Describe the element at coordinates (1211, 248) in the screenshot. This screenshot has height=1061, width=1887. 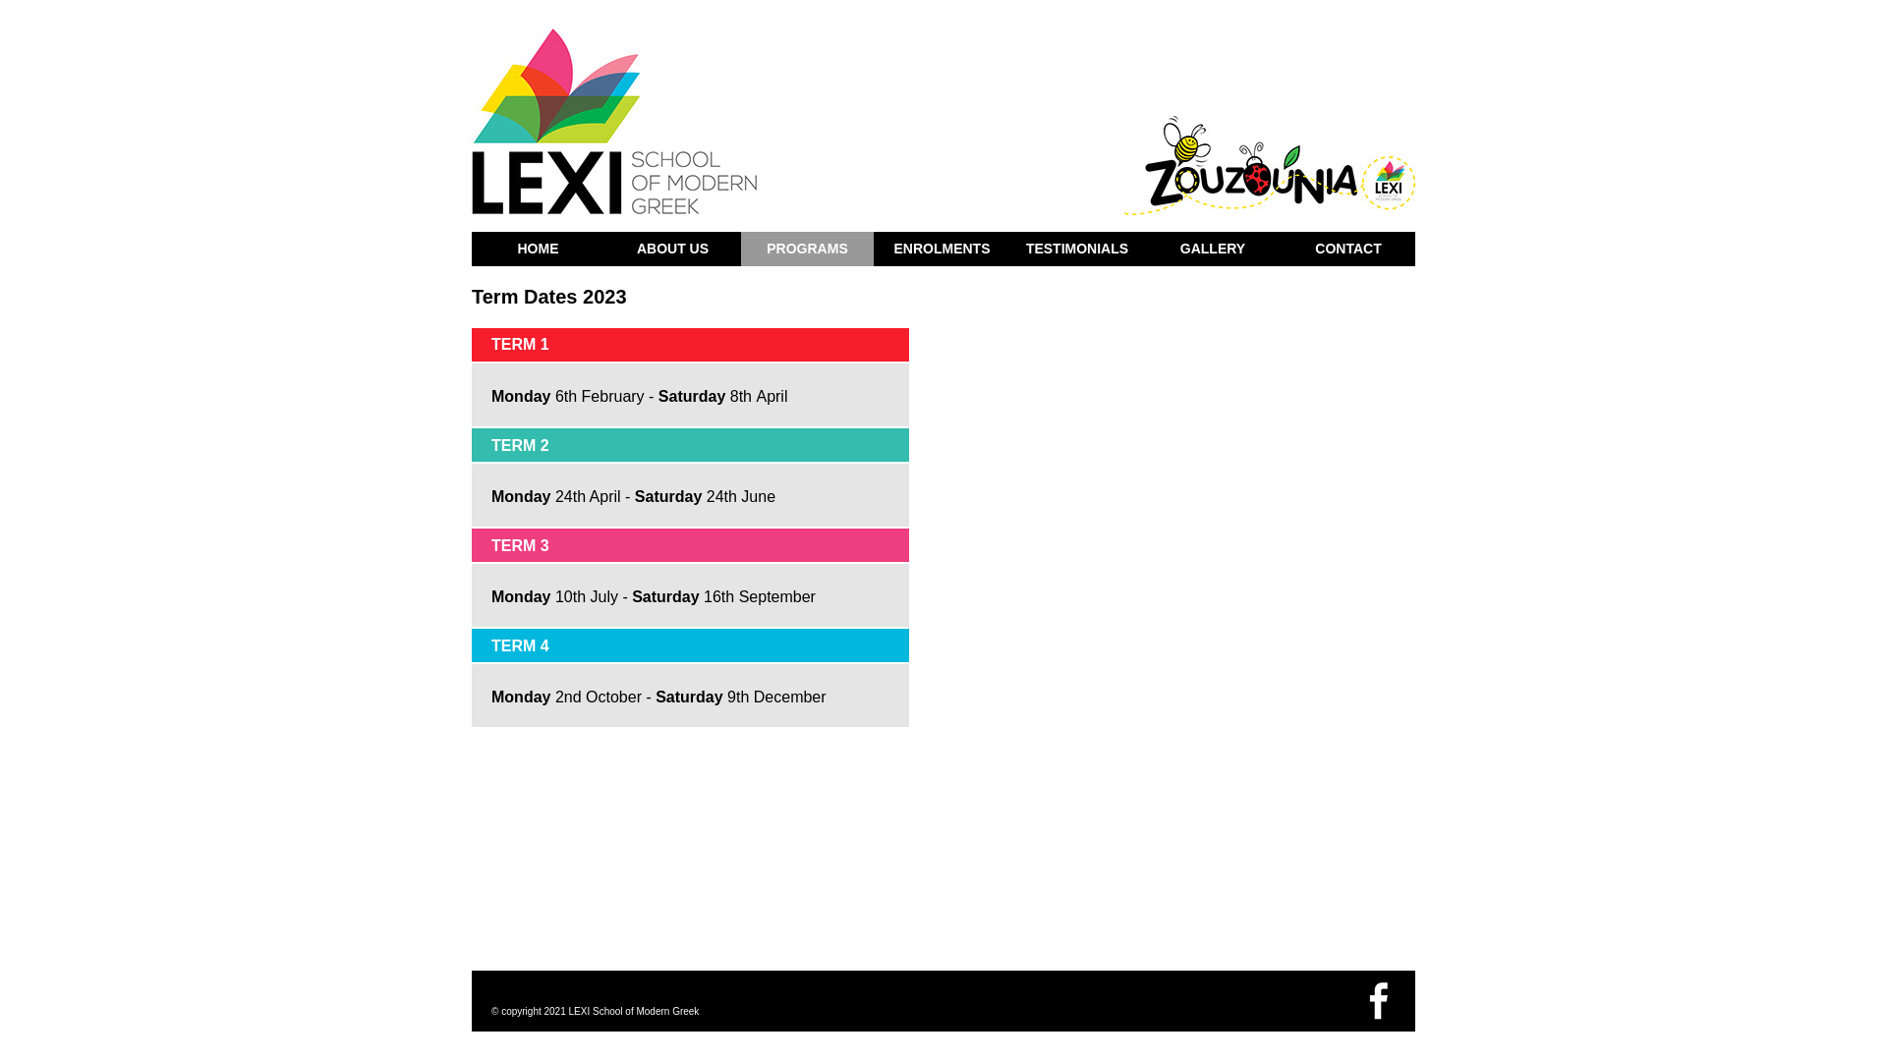
I see `'GALLERY'` at that location.